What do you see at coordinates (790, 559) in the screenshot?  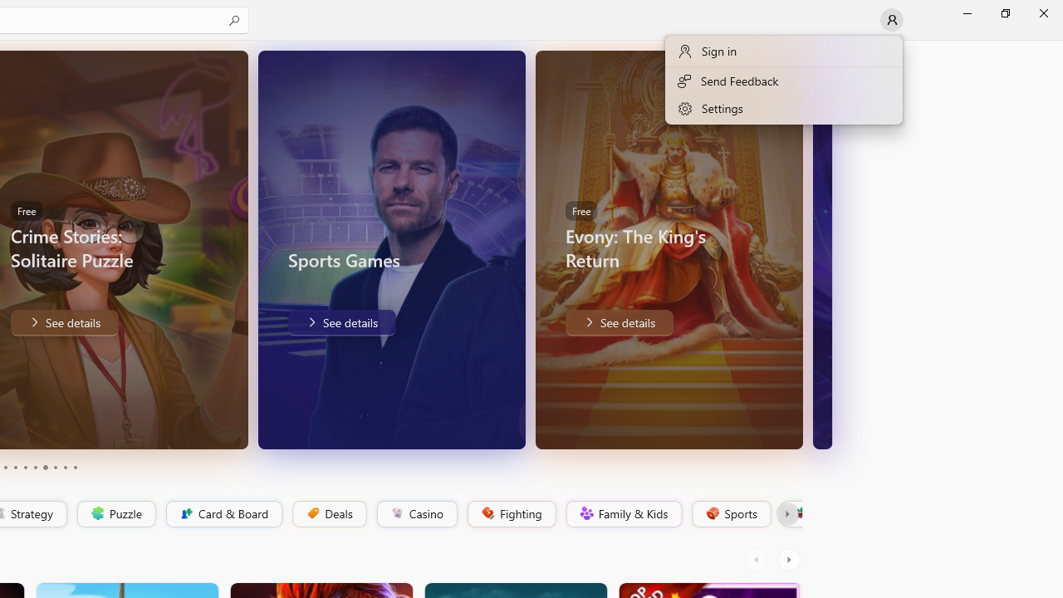 I see `'AutomationID: RightScrollButton'` at bounding box center [790, 559].